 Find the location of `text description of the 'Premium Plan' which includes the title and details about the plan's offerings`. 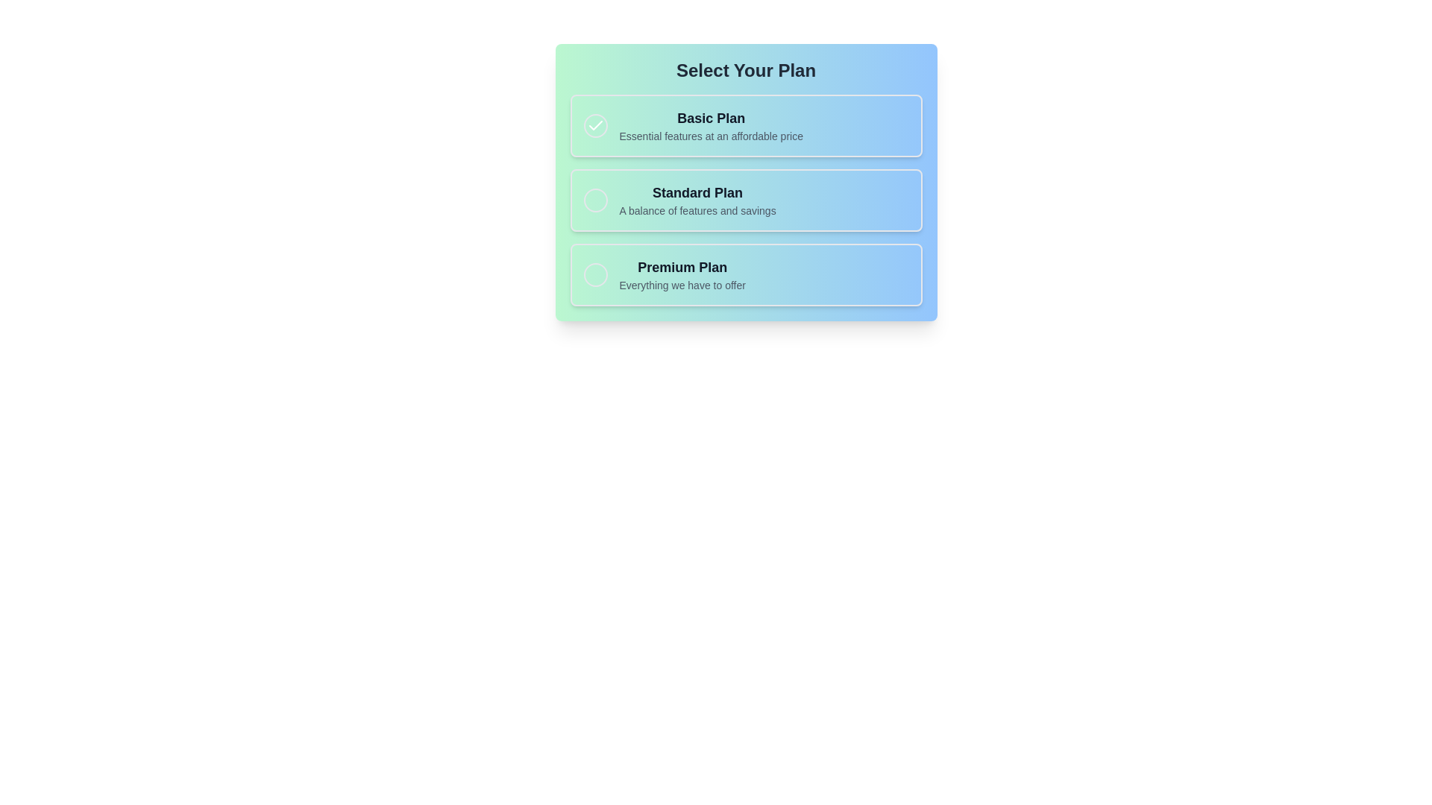

text description of the 'Premium Plan' which includes the title and details about the plan's offerings is located at coordinates (682, 275).